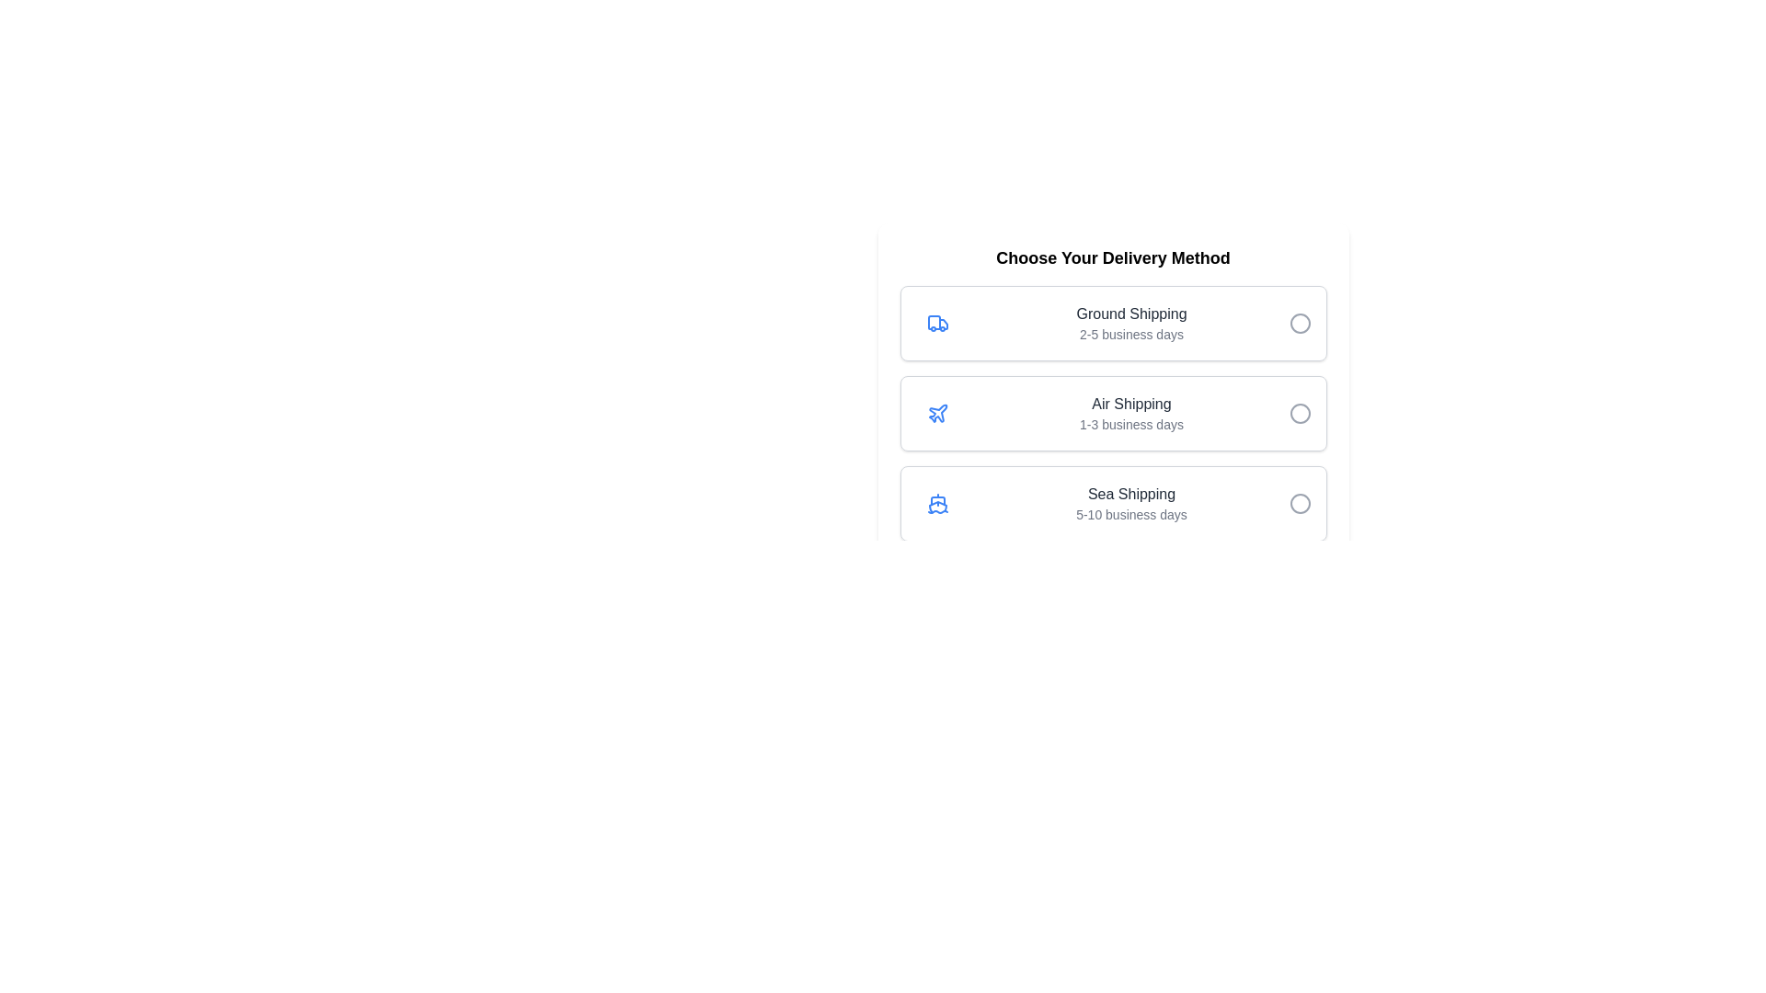  I want to click on the static text that indicates the expected delivery time for the 'Sea Shipping' option, located below the corresponding delivery method text in the interface, so click(1130, 514).